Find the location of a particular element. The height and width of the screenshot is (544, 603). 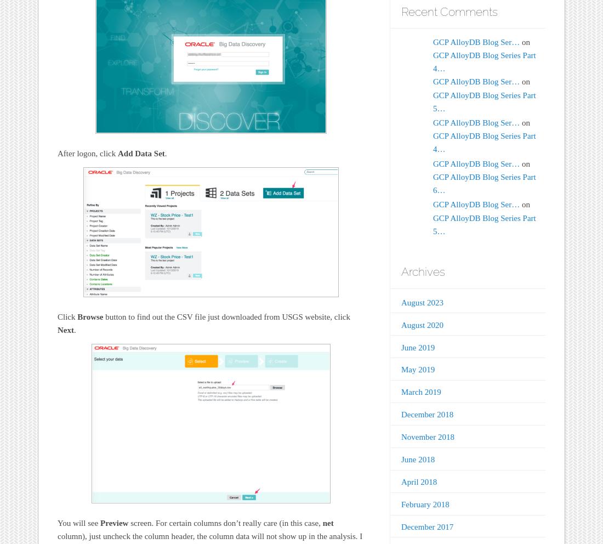

'August 2020' is located at coordinates (422, 324).